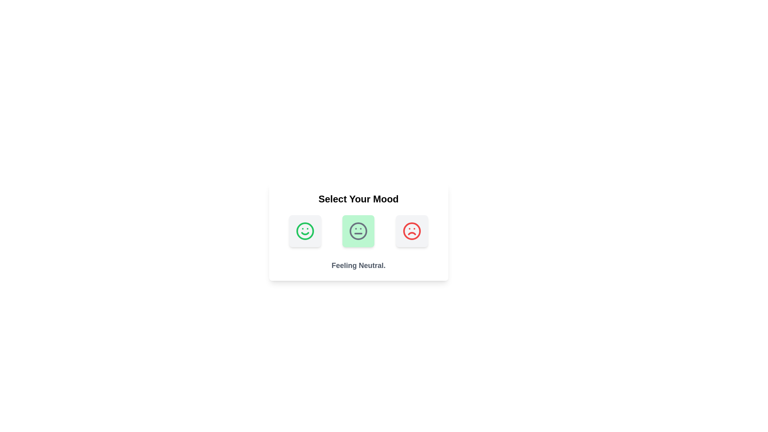 This screenshot has height=432, width=768. I want to click on the SVG Circle Element with a green outline, part of the leftmost smiley face icon in the mood selection component, so click(305, 231).